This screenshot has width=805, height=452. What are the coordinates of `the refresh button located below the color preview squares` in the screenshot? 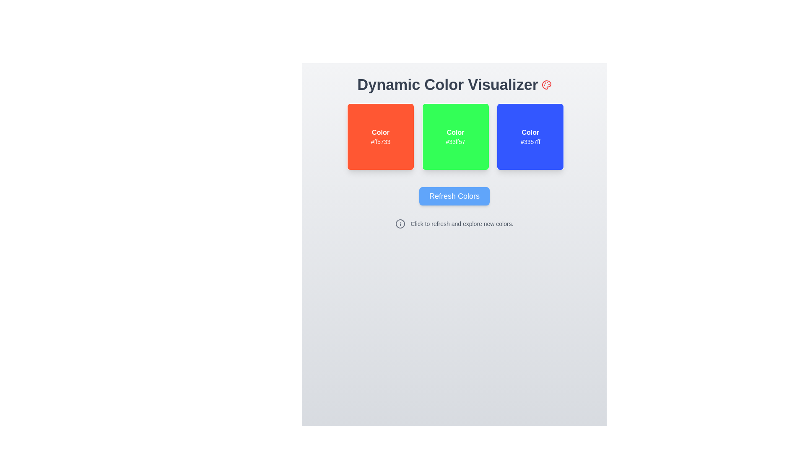 It's located at (454, 196).